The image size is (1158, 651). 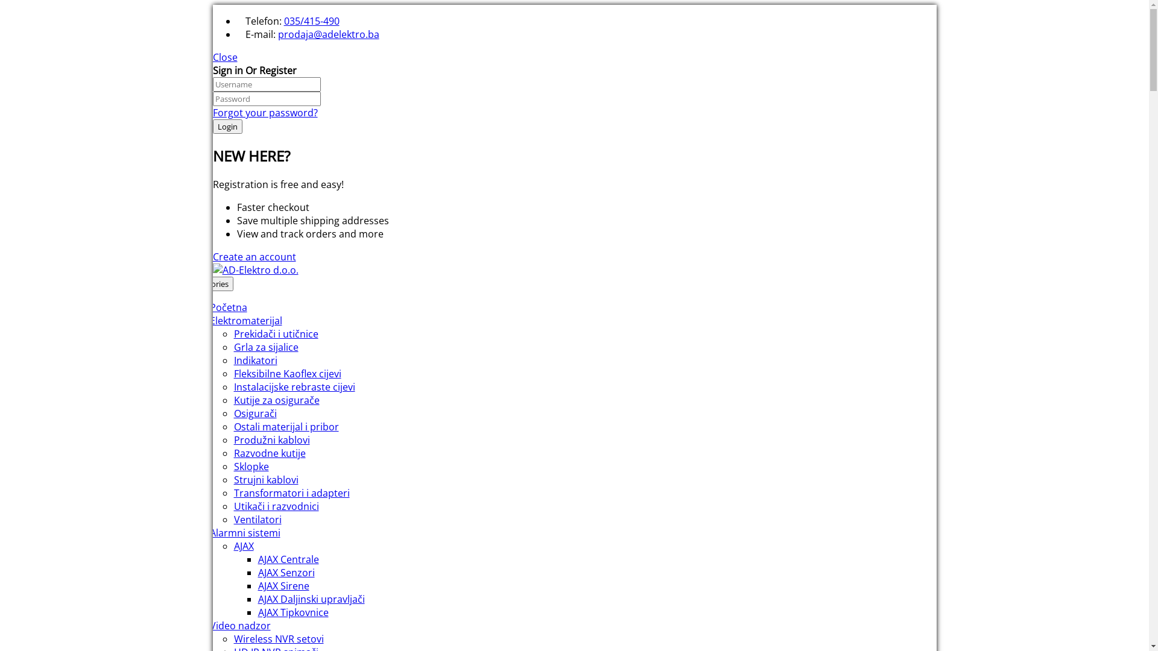 I want to click on '035/415-490', so click(x=311, y=20).